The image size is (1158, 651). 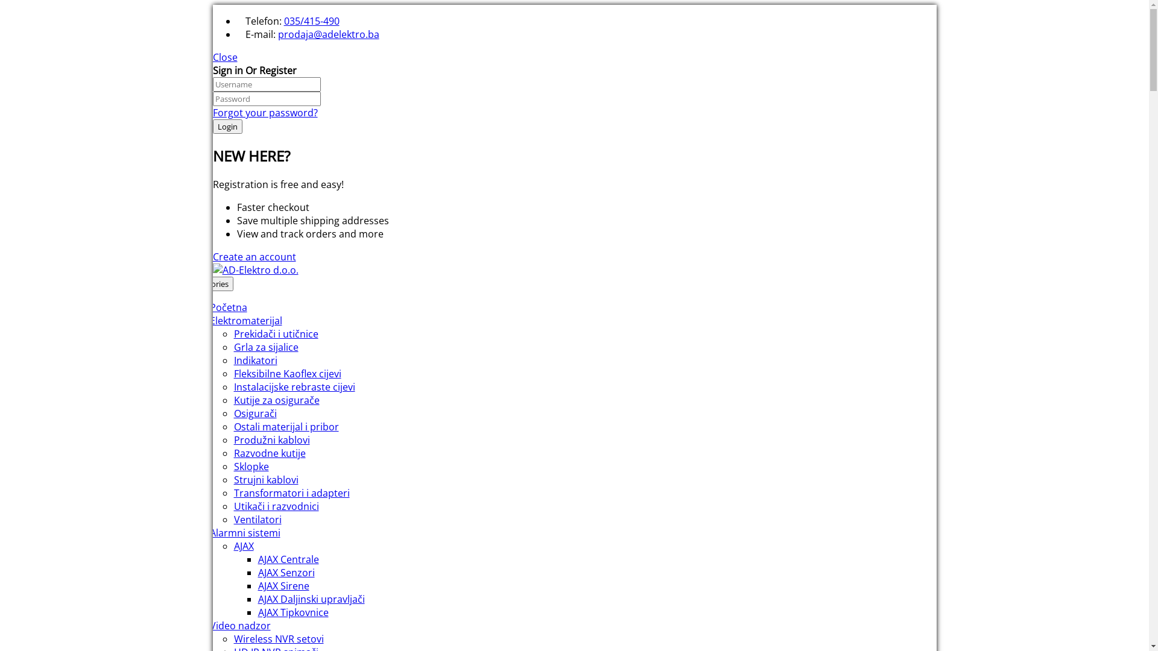 I want to click on '035/415-490', so click(x=311, y=20).